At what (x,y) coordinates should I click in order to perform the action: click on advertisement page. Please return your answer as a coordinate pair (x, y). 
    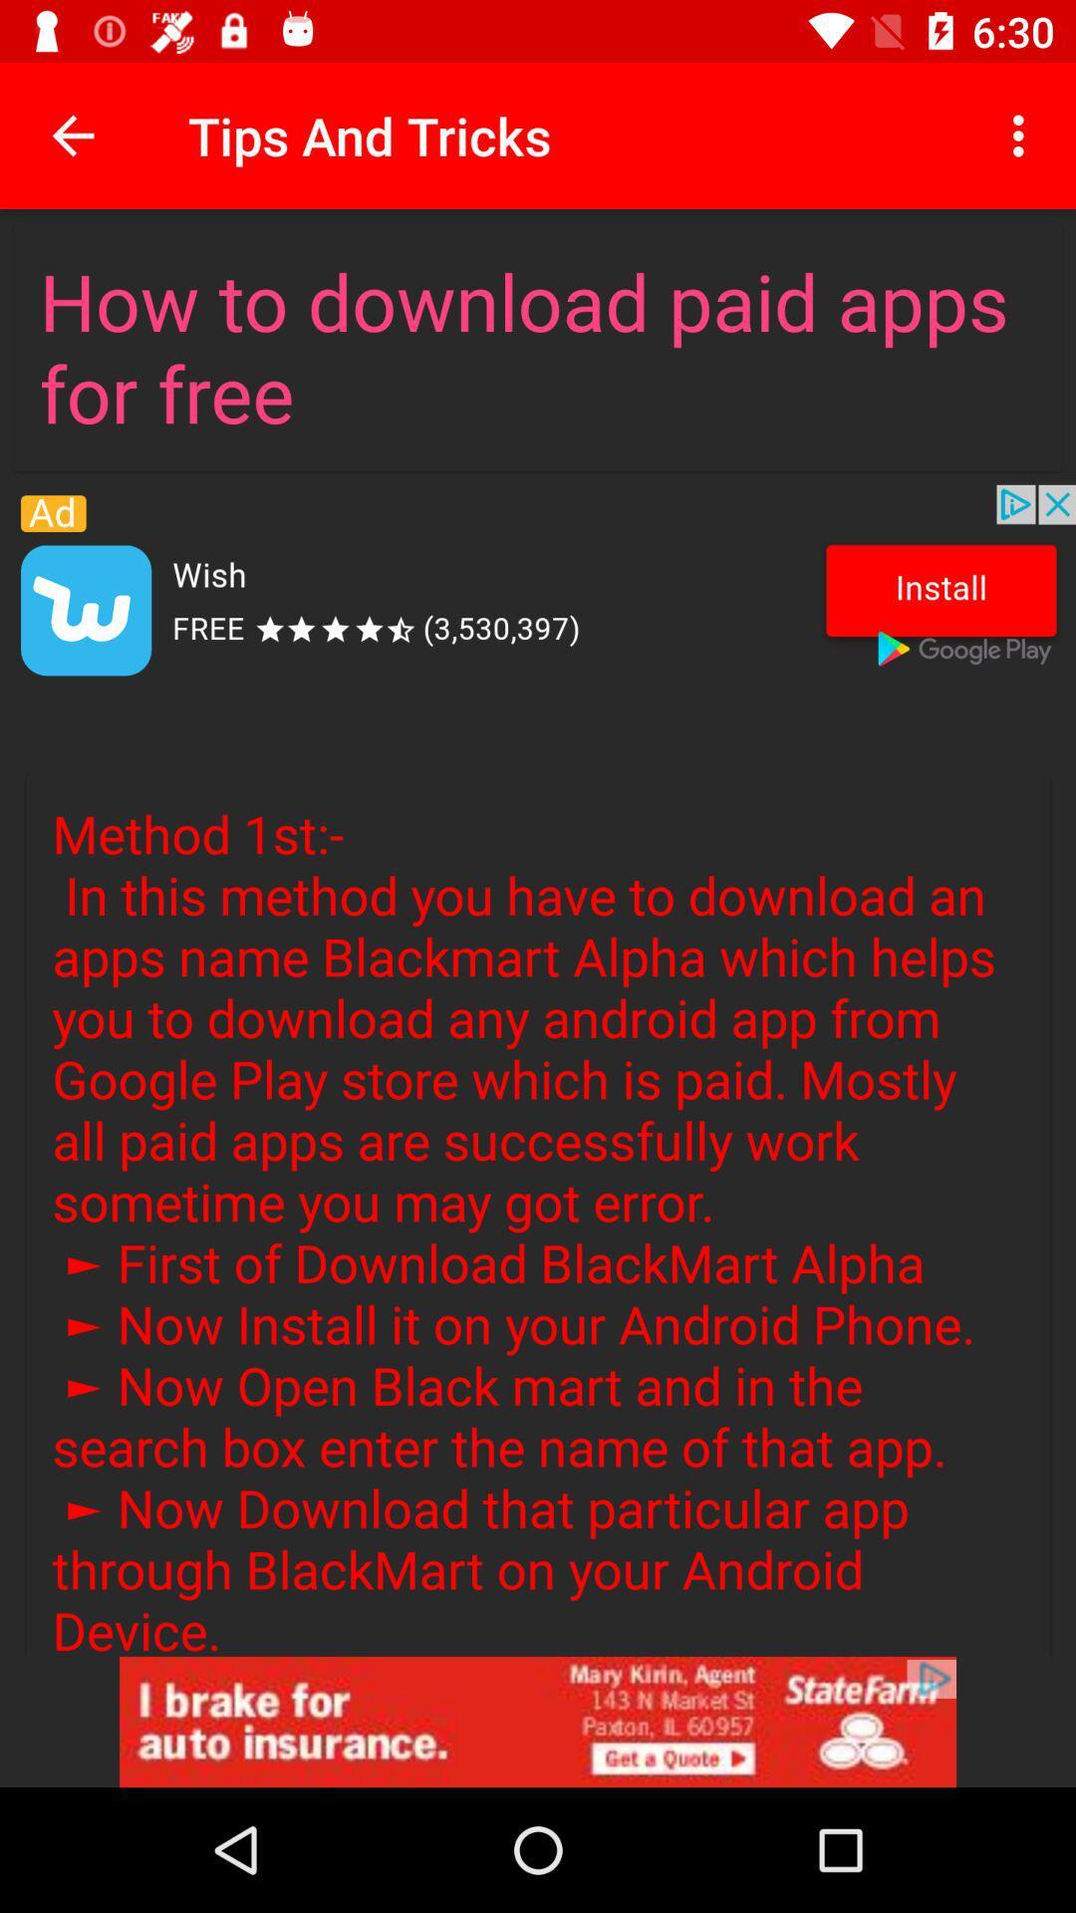
    Looking at the image, I should click on (538, 1721).